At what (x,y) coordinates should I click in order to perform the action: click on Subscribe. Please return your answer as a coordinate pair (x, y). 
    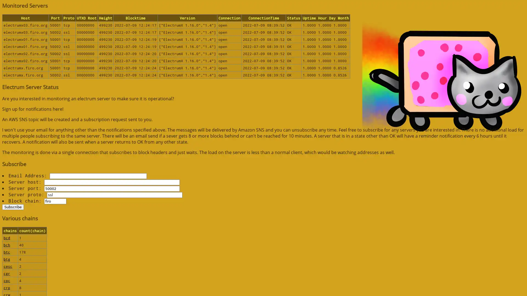
    Looking at the image, I should click on (13, 207).